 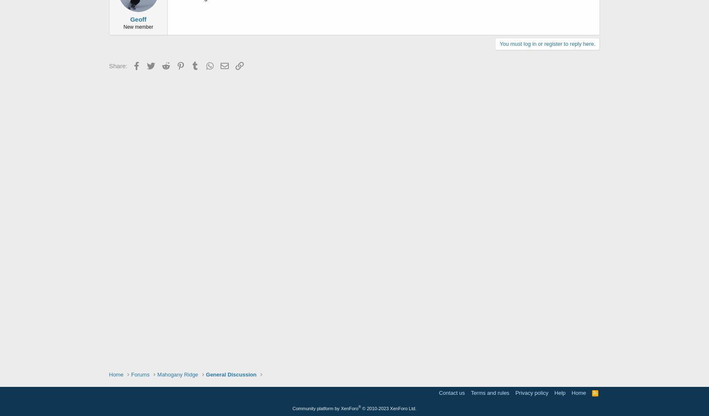 What do you see at coordinates (122, 27) in the screenshot?
I see `'New member'` at bounding box center [122, 27].